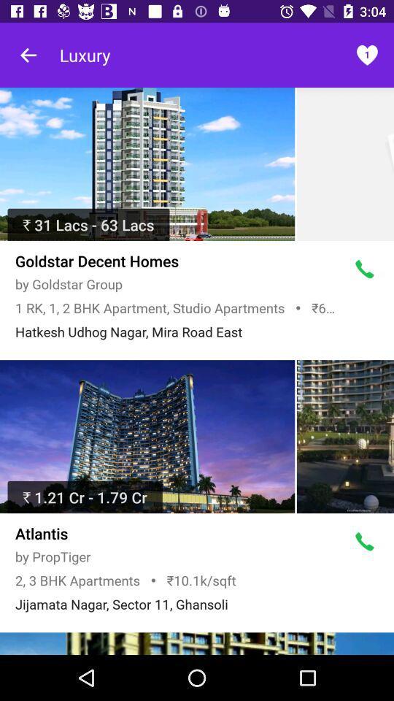 The height and width of the screenshot is (701, 394). What do you see at coordinates (366, 55) in the screenshot?
I see `the icon next to the luxury icon` at bounding box center [366, 55].